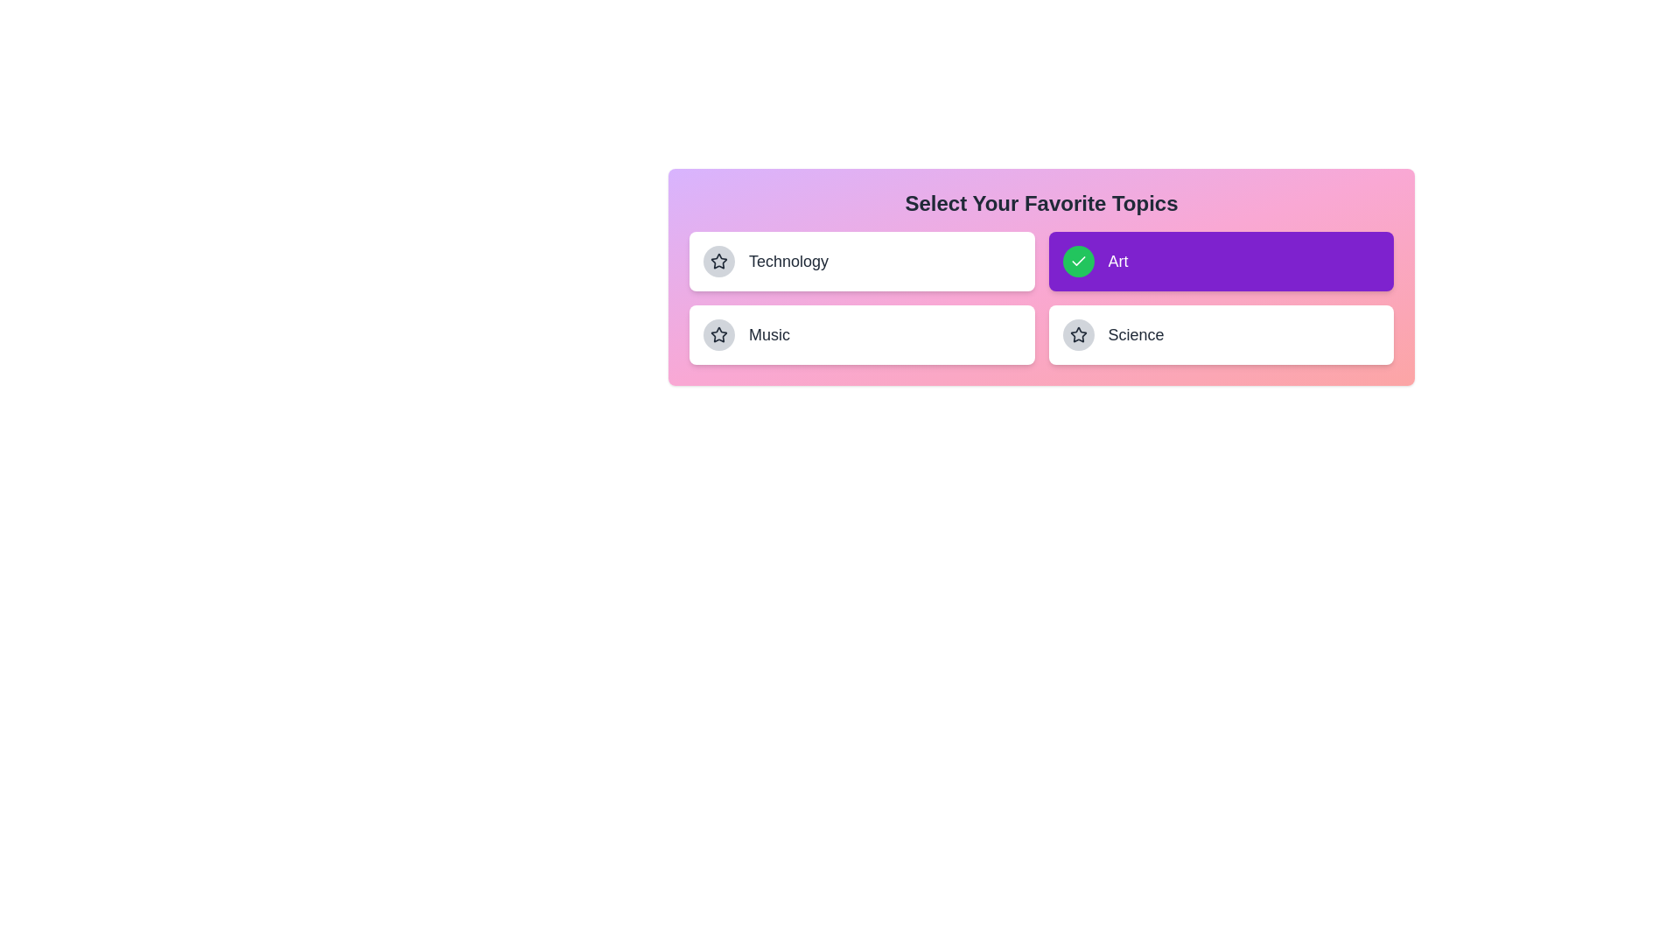 The width and height of the screenshot is (1680, 945). Describe the element at coordinates (862, 334) in the screenshot. I see `the topic Music` at that location.